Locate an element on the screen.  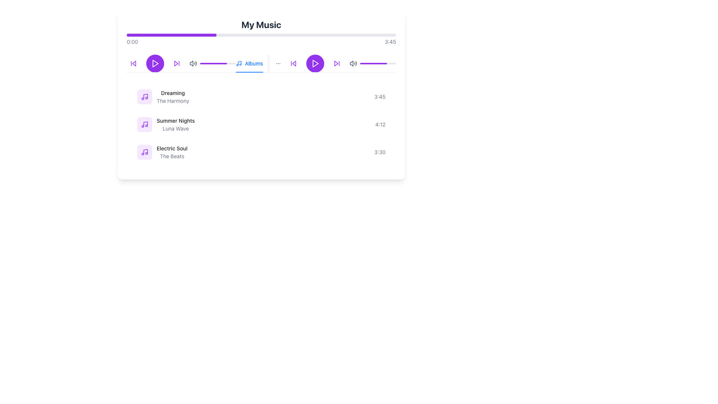
the 'Play' icon located inside the circular button in the control bar below 'My Music' is located at coordinates (315, 63).